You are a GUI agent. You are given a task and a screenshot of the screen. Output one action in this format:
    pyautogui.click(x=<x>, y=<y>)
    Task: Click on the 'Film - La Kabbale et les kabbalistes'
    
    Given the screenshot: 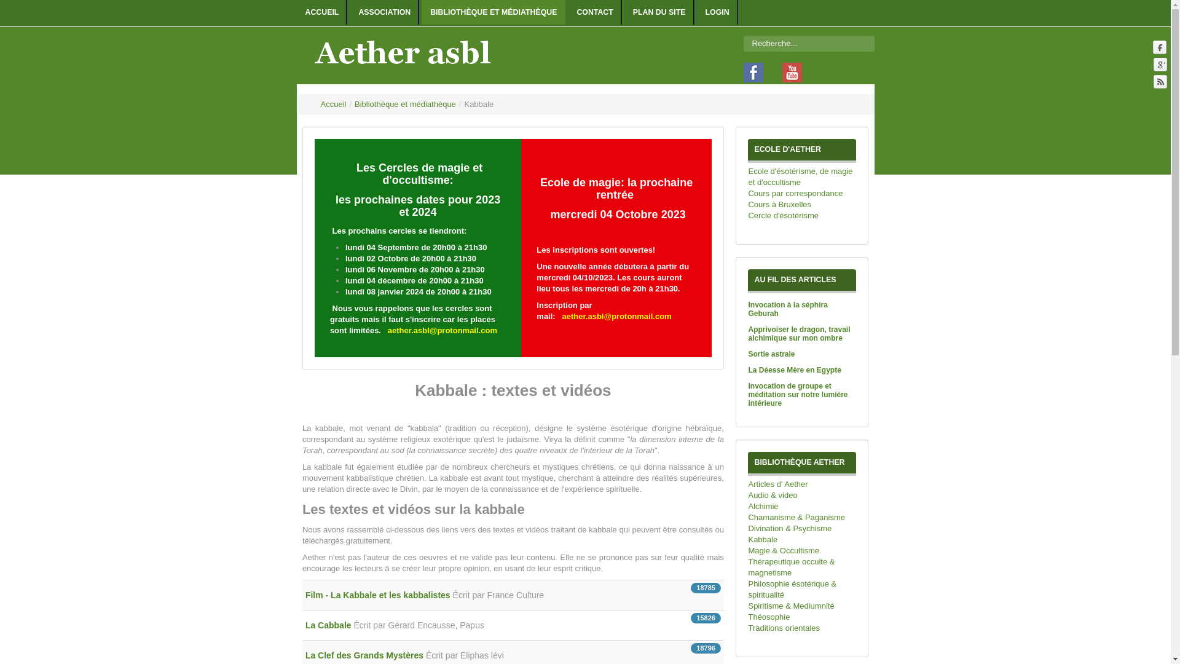 What is the action you would take?
    pyautogui.click(x=305, y=595)
    